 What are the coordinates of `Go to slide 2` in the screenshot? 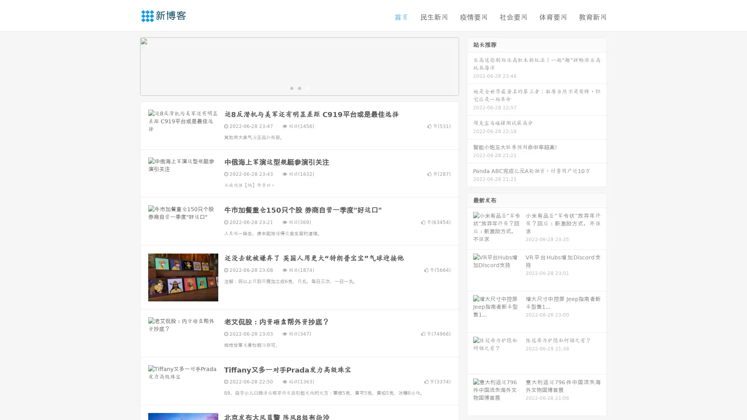 It's located at (299, 87).